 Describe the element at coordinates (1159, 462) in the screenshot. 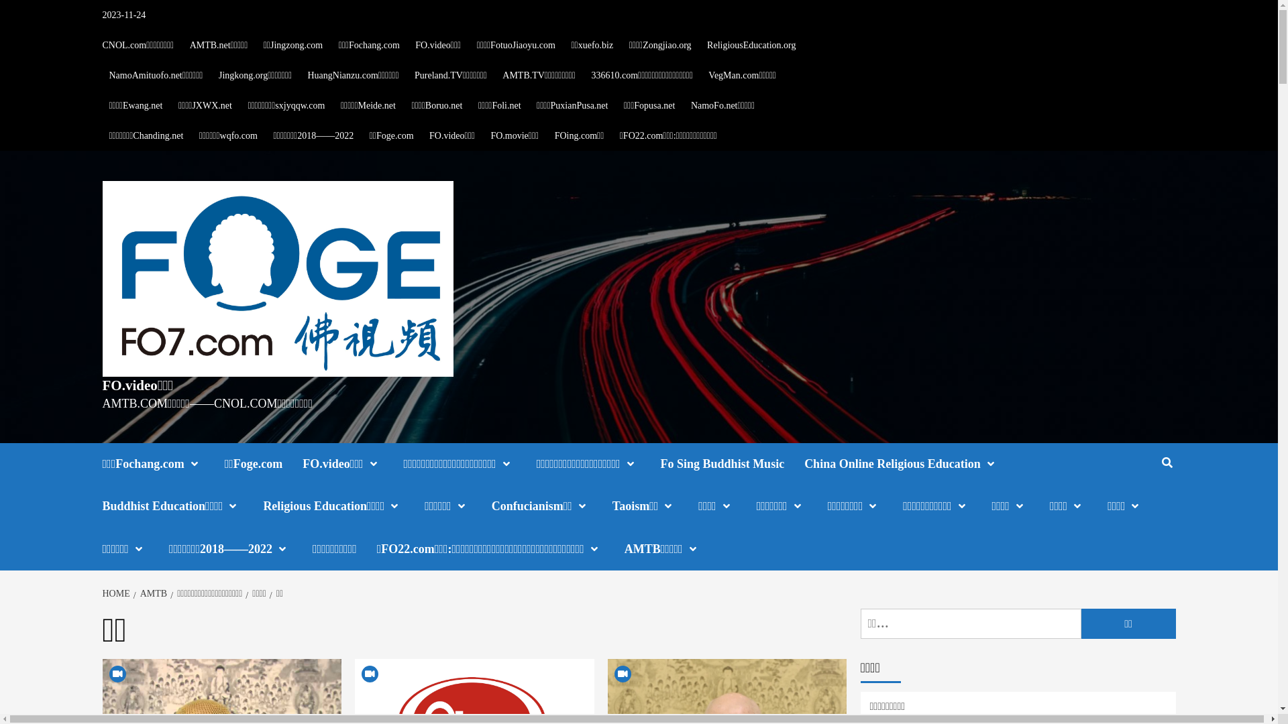

I see `'Search'` at that location.